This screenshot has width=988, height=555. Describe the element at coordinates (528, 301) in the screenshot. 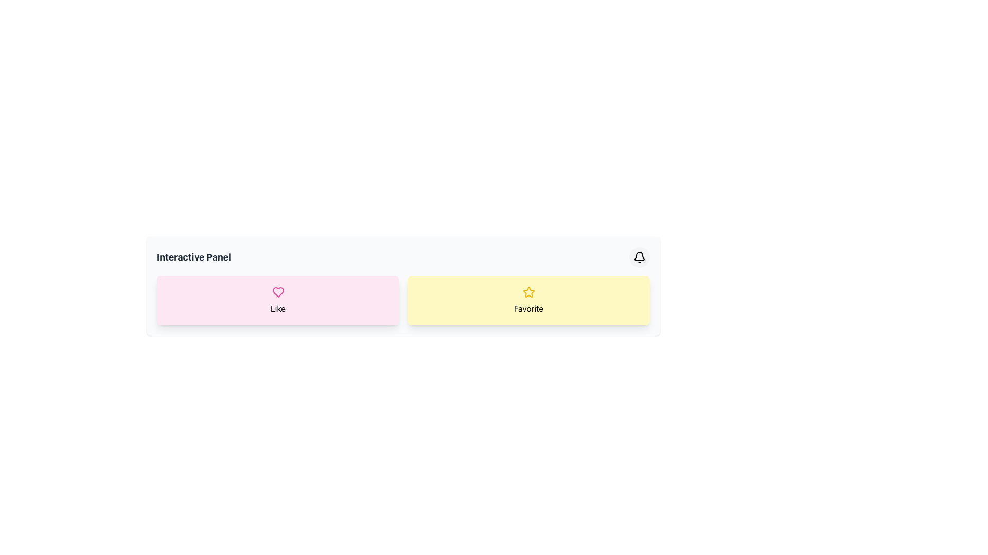

I see `the 'Favorite' button, which is the second button in a horizontally arranged pair located on the right side of the 'Like' button, to mark an item as a favorite` at that location.